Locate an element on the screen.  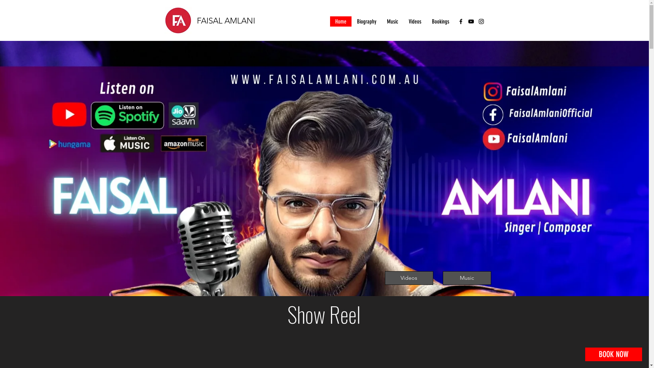
'BOOK NOW' is located at coordinates (613, 354).